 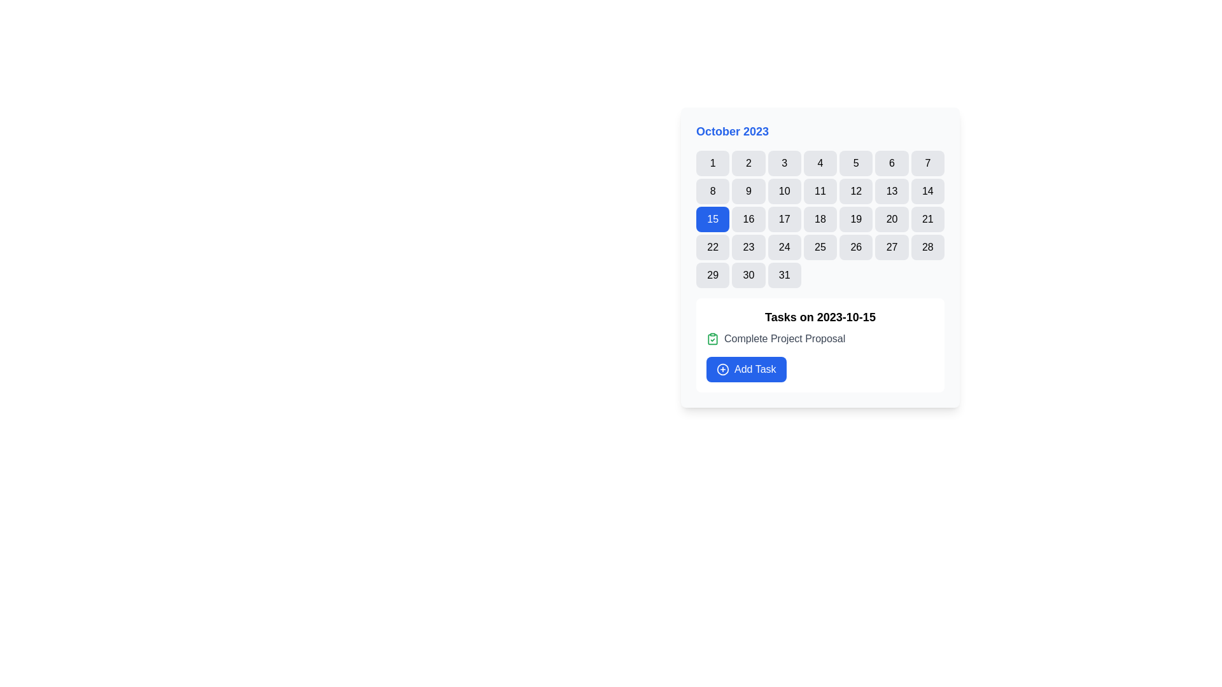 What do you see at coordinates (748, 247) in the screenshot?
I see `the button displaying the number '23' in the calendar grid to change its background color` at bounding box center [748, 247].